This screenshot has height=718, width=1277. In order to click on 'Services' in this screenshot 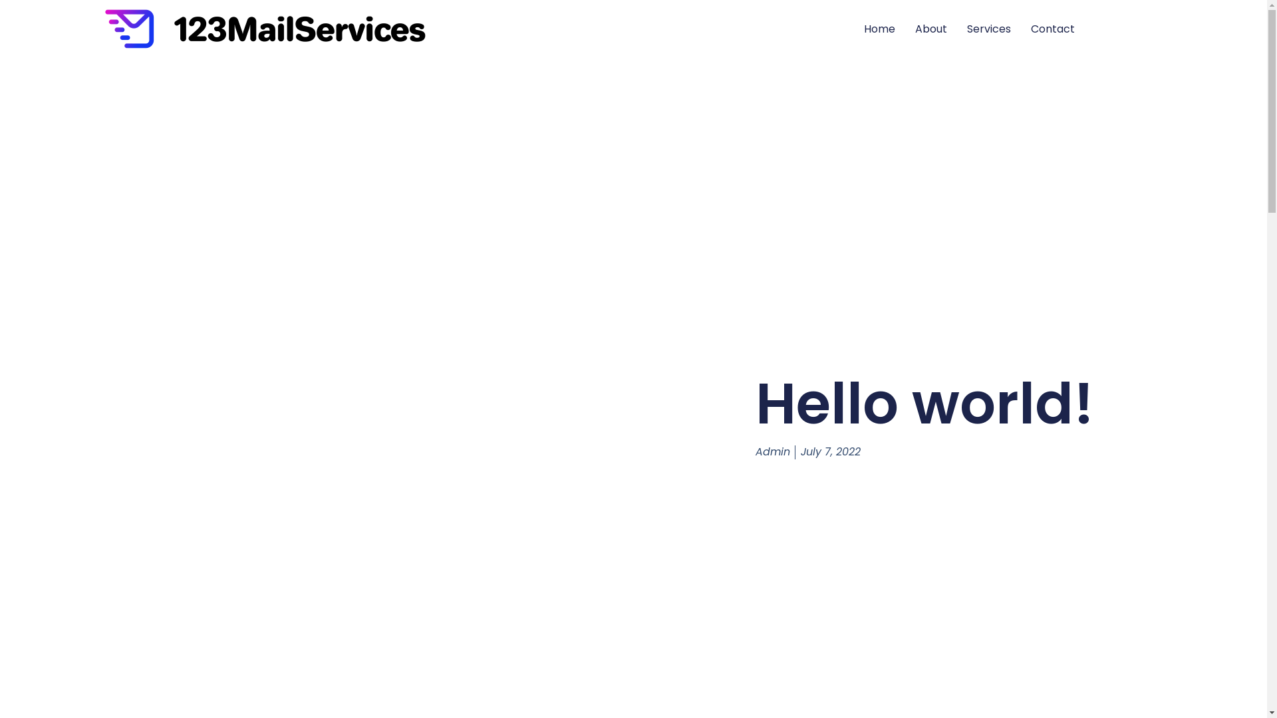, I will do `click(989, 29)`.